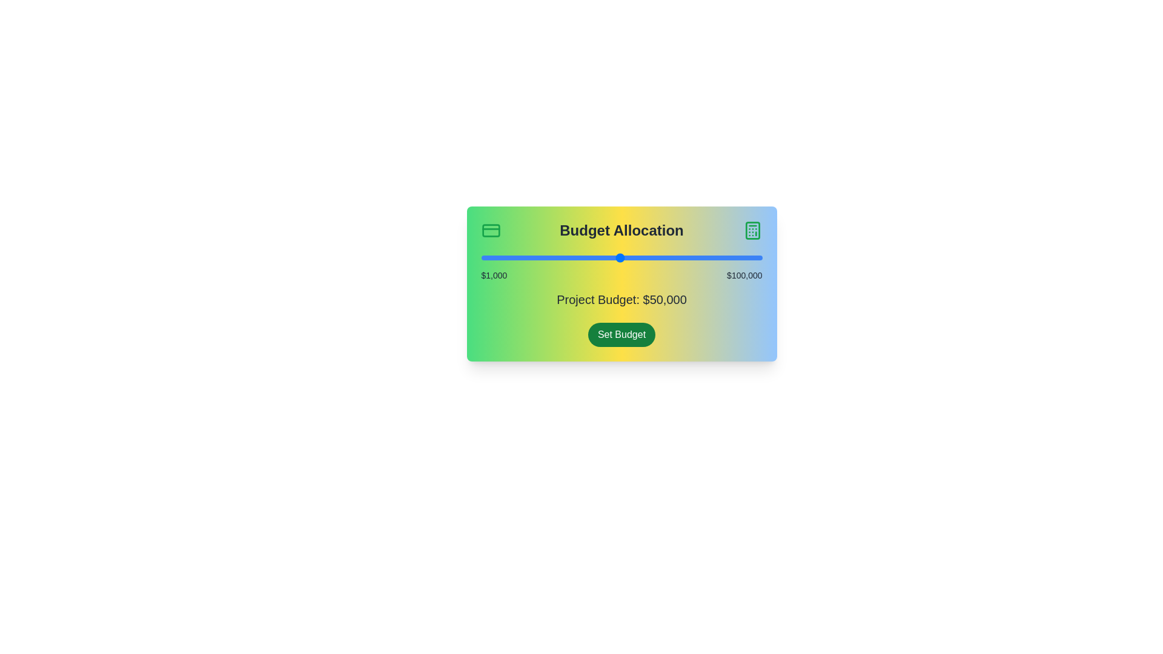  I want to click on the budget slider to set the budget to 80672, so click(707, 257).